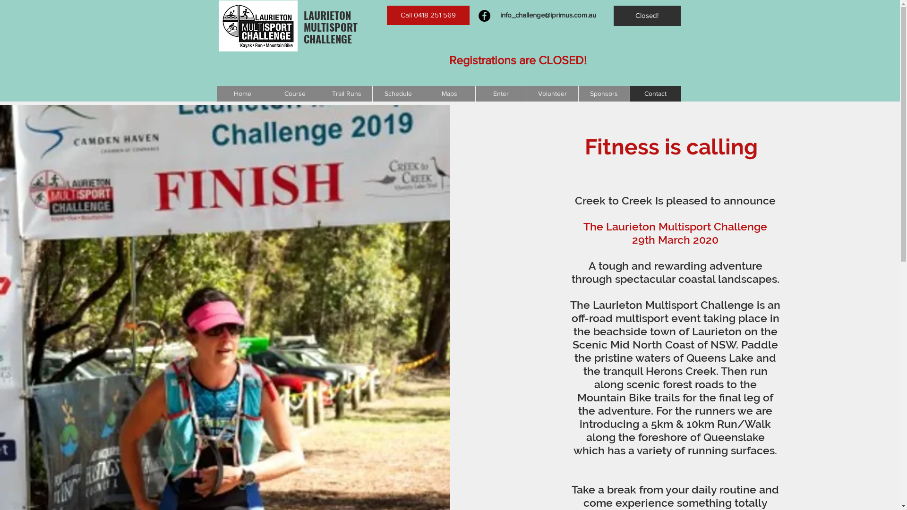 This screenshot has height=510, width=907. What do you see at coordinates (603, 93) in the screenshot?
I see `'Sponsors'` at bounding box center [603, 93].